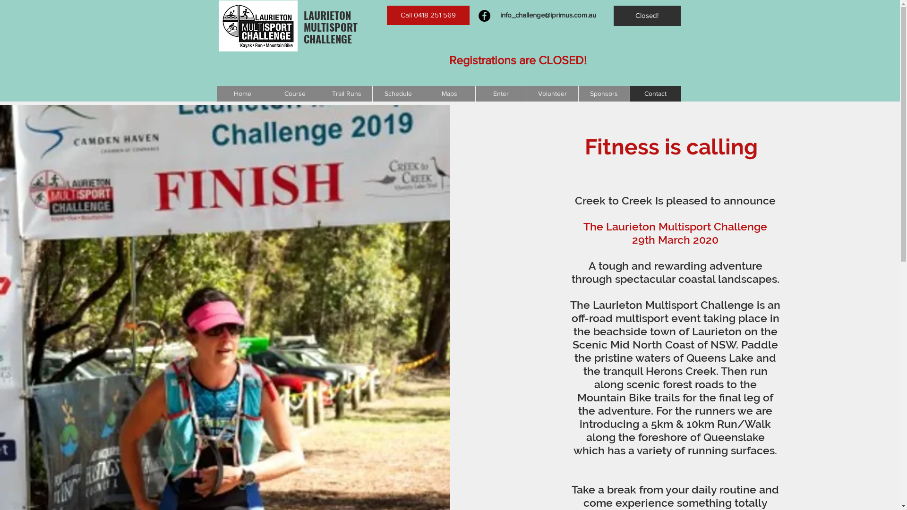 This screenshot has height=510, width=907. What do you see at coordinates (603, 93) in the screenshot?
I see `'Sponsors'` at bounding box center [603, 93].